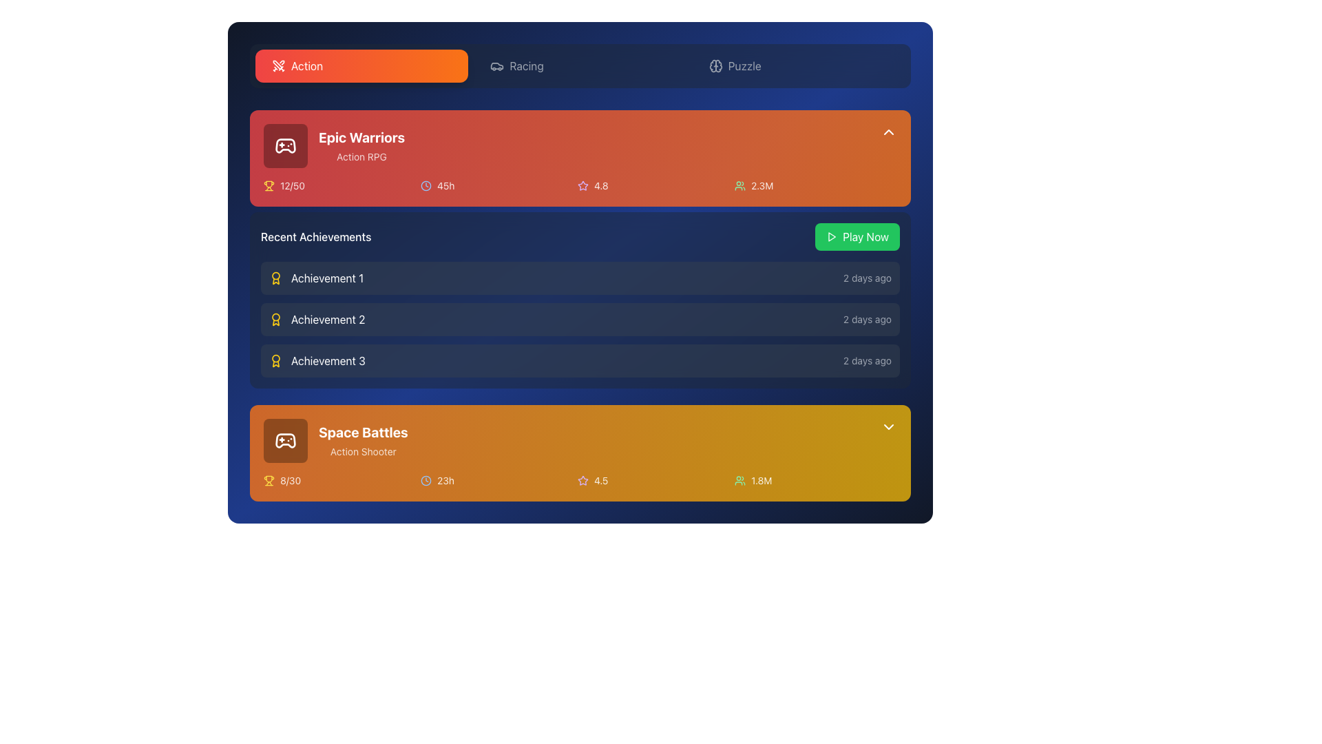 This screenshot has height=744, width=1322. I want to click on the star icon used for ratings in the 'Space Battles' section, which visually represents a 5-star rating system and is located immediately to the left of the numeric rating '4.5', so click(583, 480).